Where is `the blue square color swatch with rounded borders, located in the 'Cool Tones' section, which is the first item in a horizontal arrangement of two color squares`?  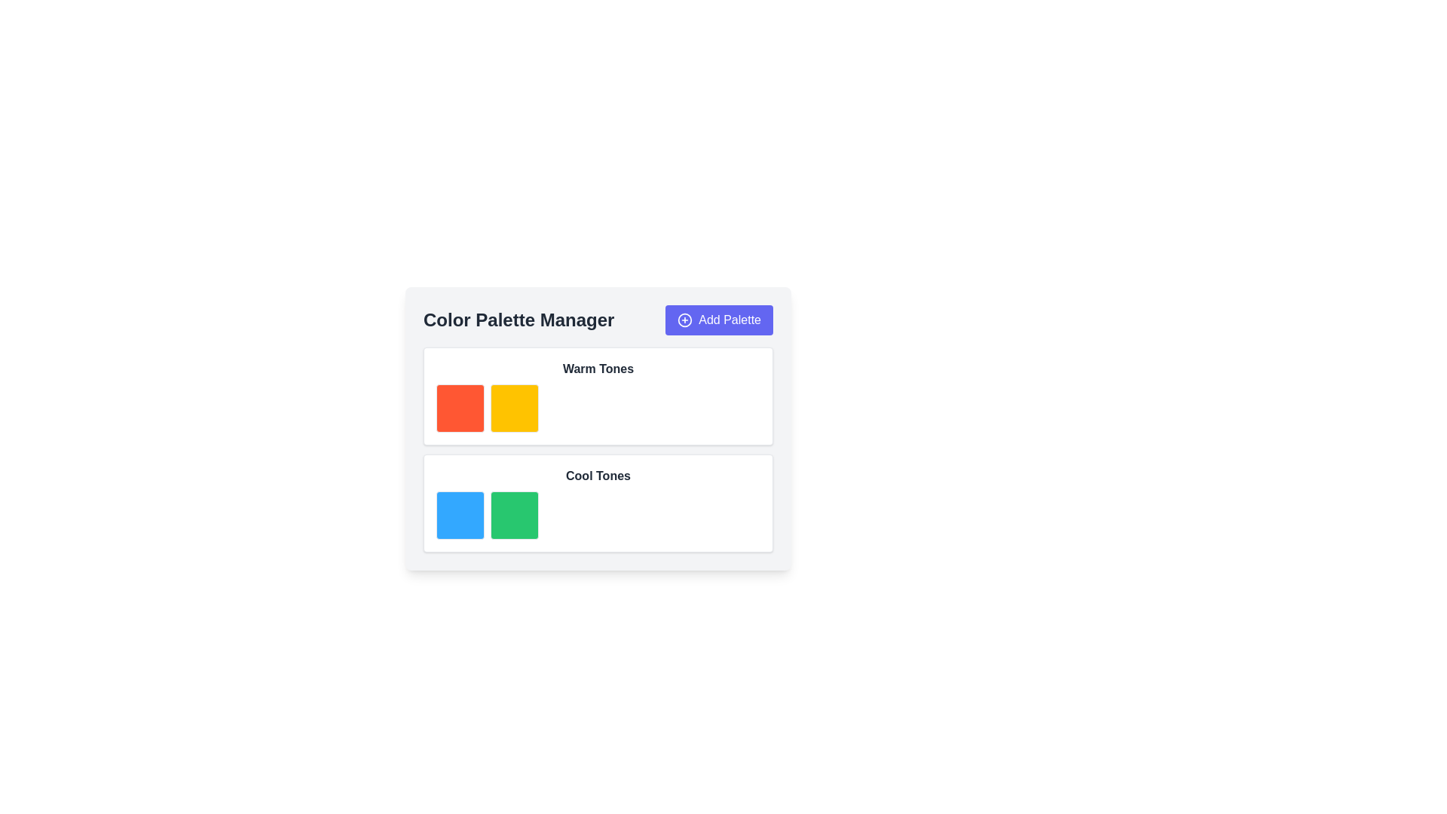 the blue square color swatch with rounded borders, located in the 'Cool Tones' section, which is the first item in a horizontal arrangement of two color squares is located at coordinates (459, 514).